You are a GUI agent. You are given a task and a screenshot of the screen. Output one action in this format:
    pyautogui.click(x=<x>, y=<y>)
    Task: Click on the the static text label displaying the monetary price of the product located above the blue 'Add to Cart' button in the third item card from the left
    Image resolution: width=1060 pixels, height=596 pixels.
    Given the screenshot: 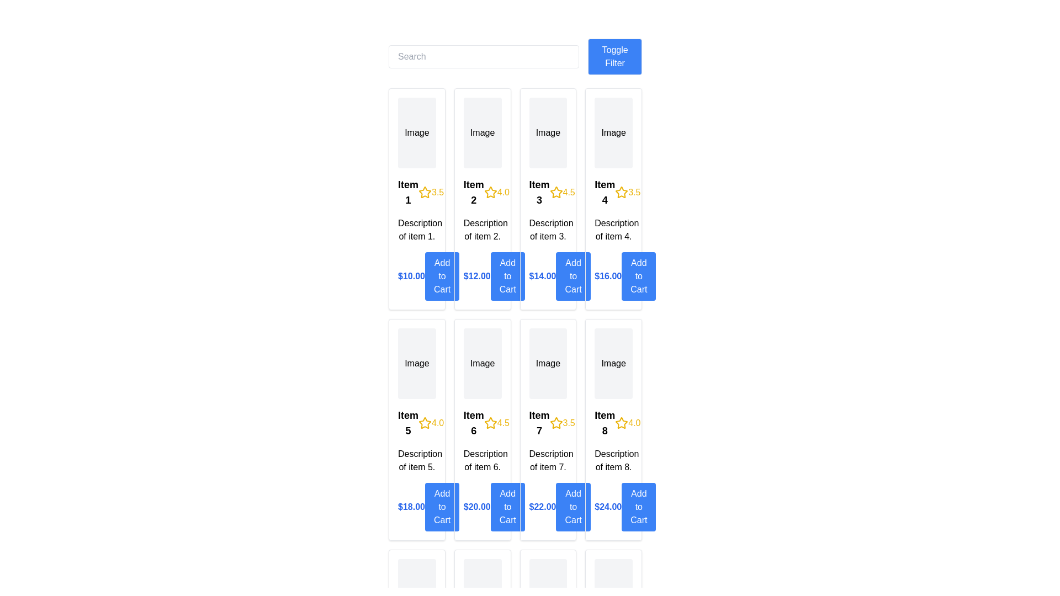 What is the action you would take?
    pyautogui.click(x=543, y=276)
    